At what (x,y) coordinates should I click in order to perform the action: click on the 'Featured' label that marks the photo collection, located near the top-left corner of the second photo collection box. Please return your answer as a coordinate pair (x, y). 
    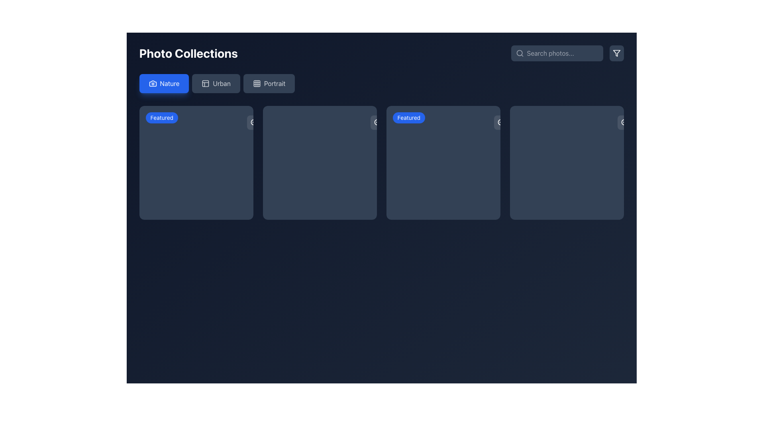
    Looking at the image, I should click on (409, 118).